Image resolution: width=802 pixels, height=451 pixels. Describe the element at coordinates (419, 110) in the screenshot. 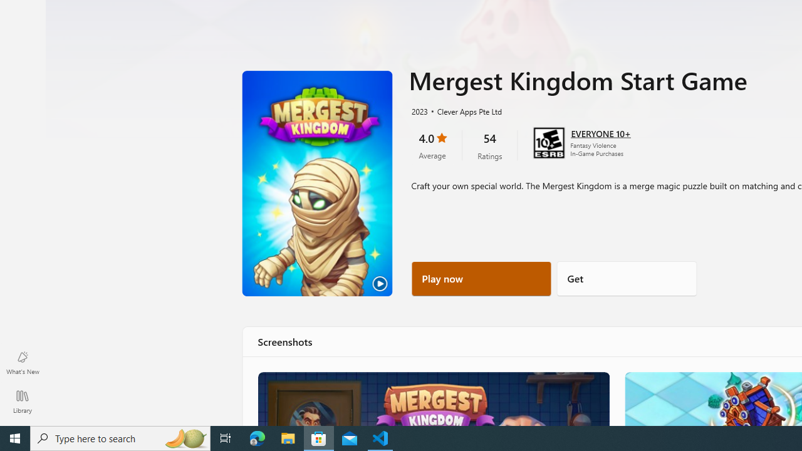

I see `'2023'` at that location.